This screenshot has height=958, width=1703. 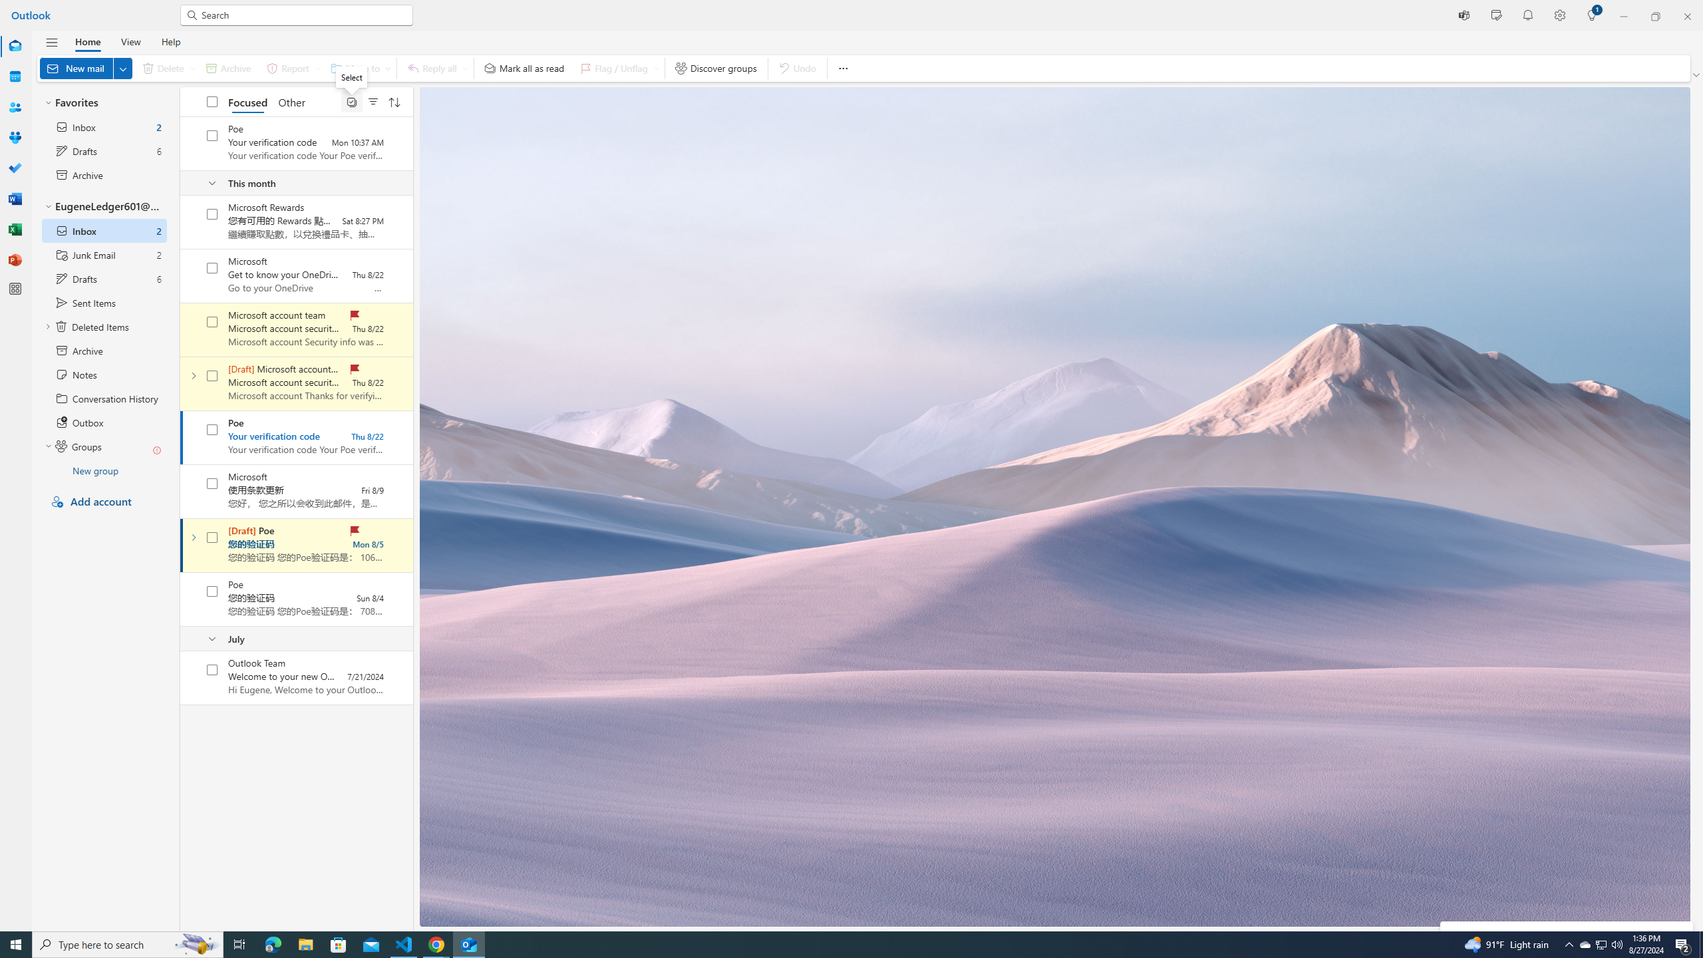 What do you see at coordinates (317, 68) in the screenshot?
I see `'Expand to see more report options'` at bounding box center [317, 68].